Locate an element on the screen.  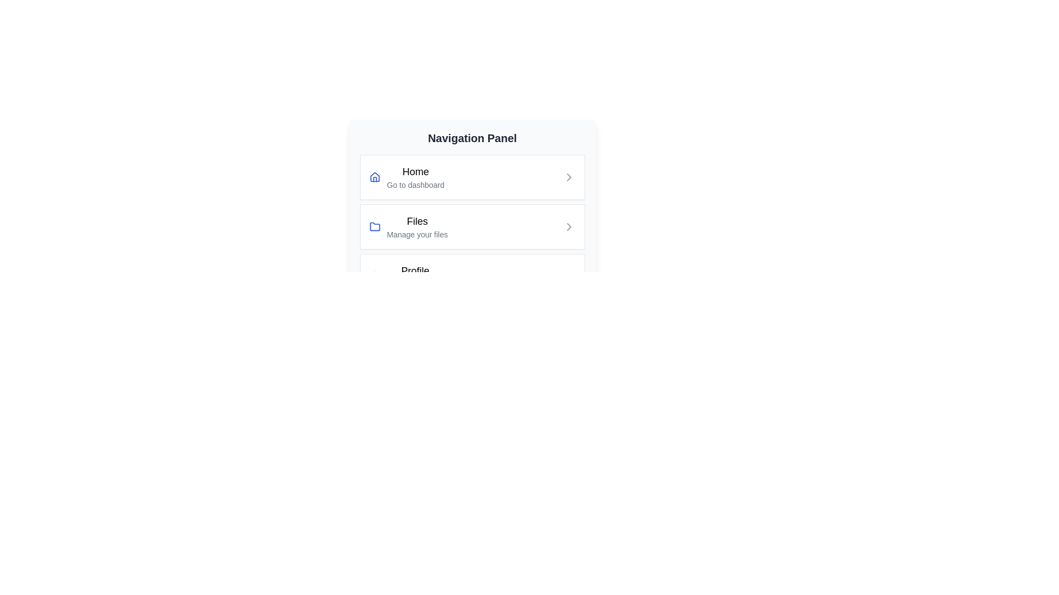
the blue folder icon located to the left of the 'Files' label in the navigation menu is located at coordinates (375, 226).